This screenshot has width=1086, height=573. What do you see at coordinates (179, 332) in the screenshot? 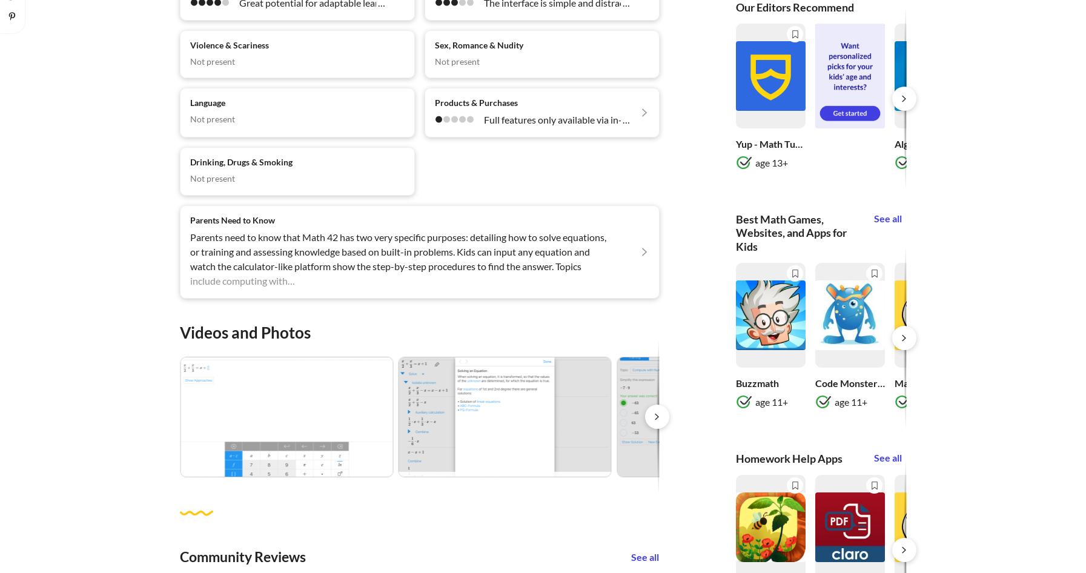
I see `'Videos and Photos'` at bounding box center [179, 332].